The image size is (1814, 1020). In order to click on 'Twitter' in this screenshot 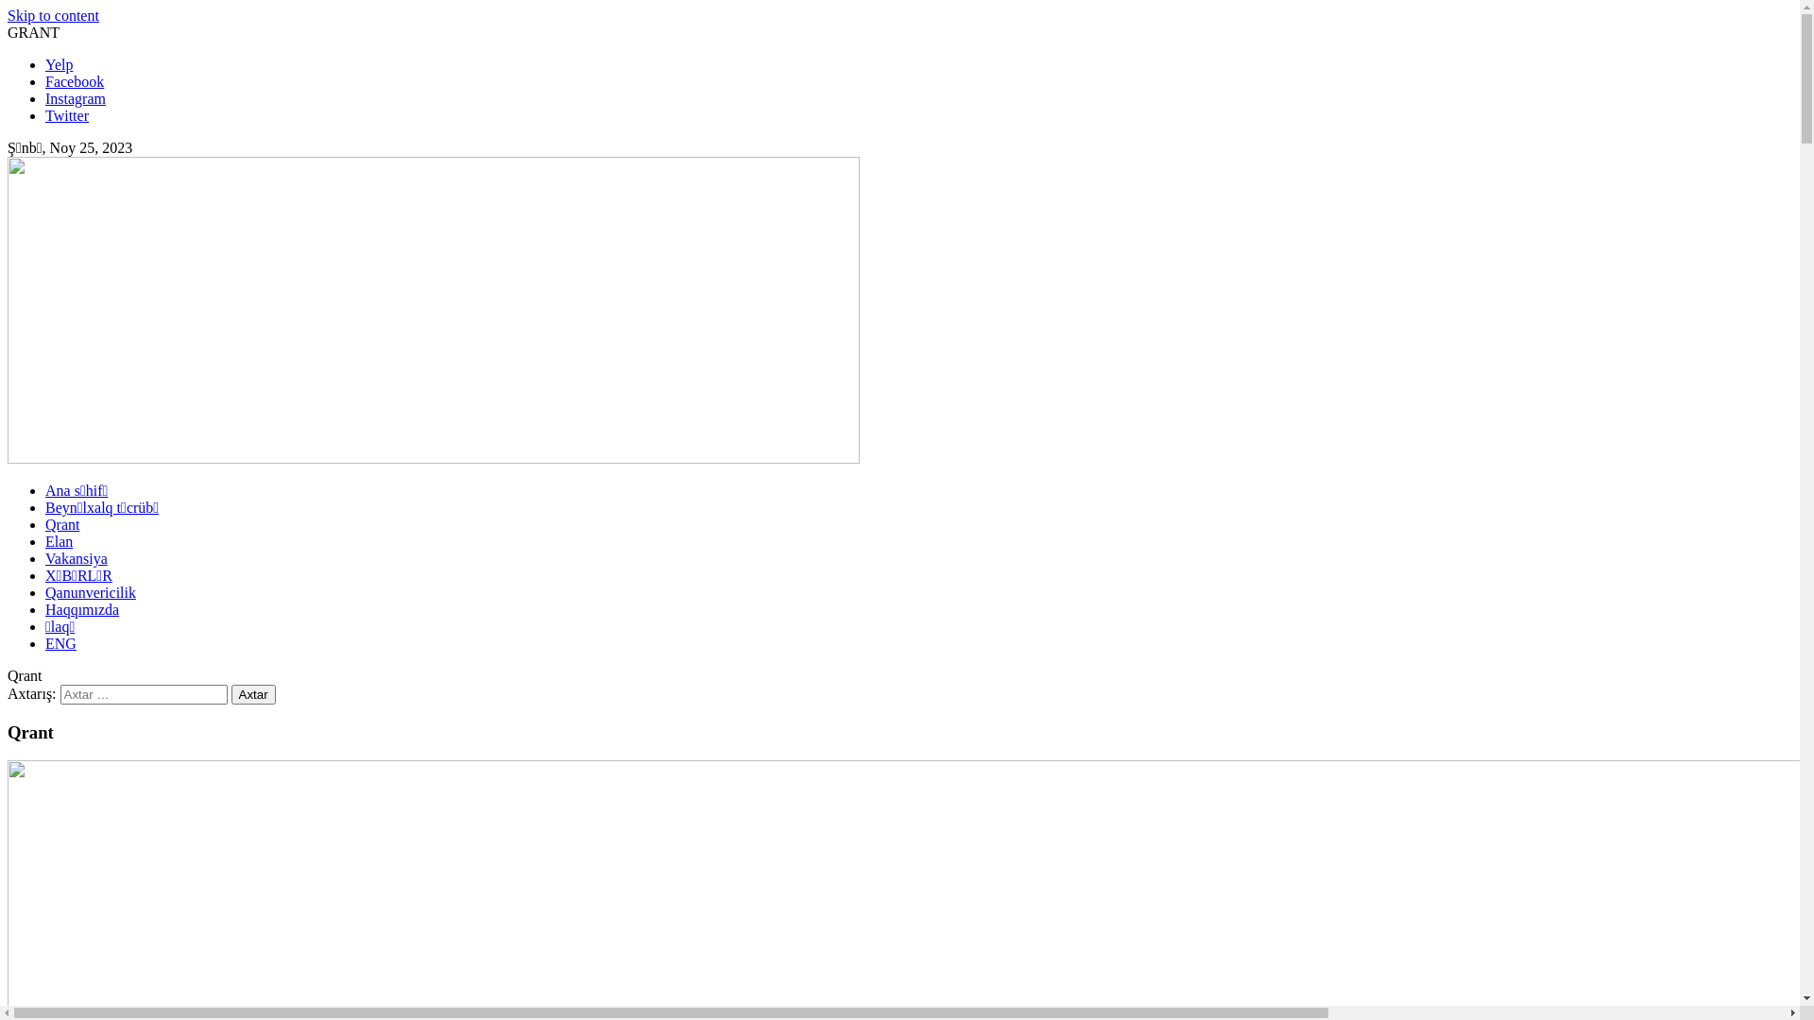, I will do `click(67, 115)`.